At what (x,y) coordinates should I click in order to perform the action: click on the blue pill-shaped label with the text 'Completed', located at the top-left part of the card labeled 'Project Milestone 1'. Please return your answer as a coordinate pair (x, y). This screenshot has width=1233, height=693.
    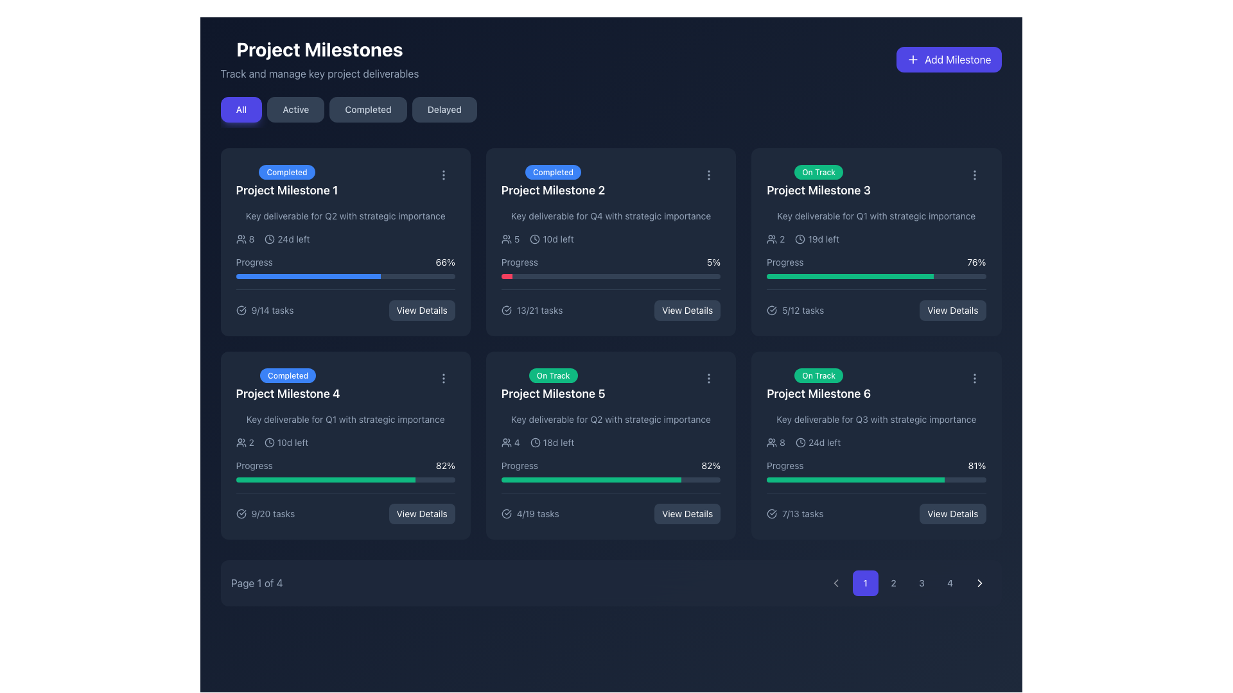
    Looking at the image, I should click on (286, 171).